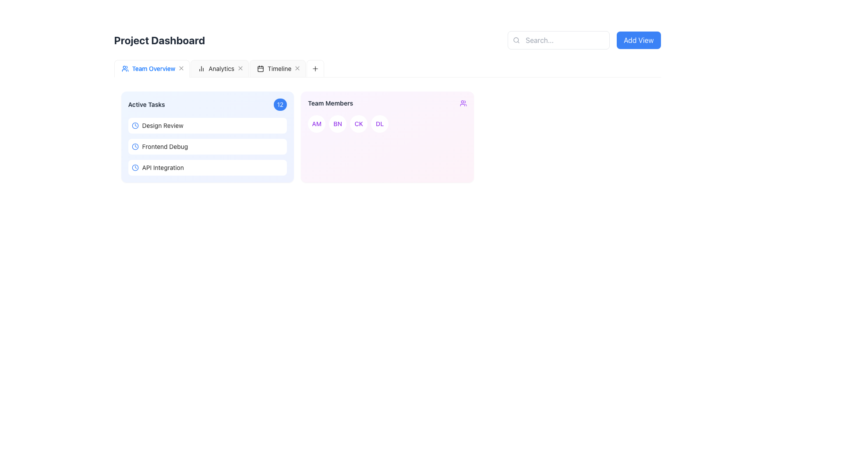 This screenshot has height=473, width=841. Describe the element at coordinates (315, 68) in the screenshot. I see `the graphical icon or line located at the center-top of the tabbed navigation area, positioned near the '+' sign` at that location.